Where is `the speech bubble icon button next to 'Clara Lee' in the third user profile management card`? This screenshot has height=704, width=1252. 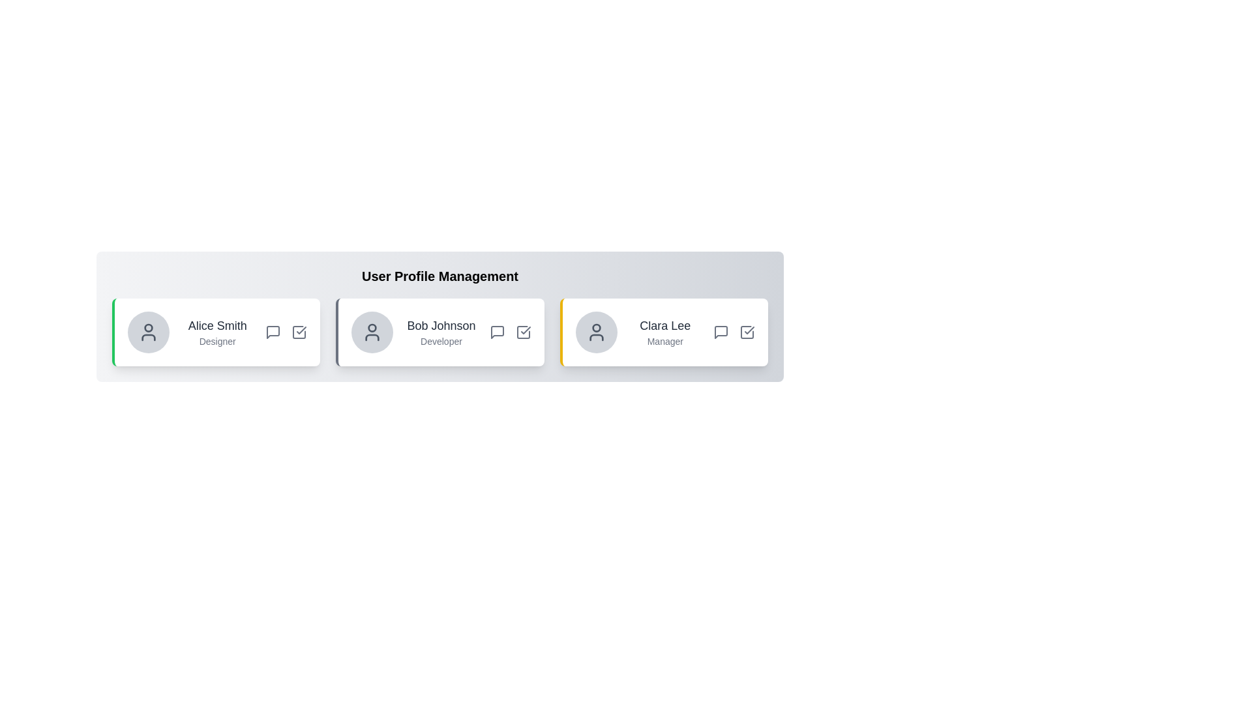 the speech bubble icon button next to 'Clara Lee' in the third user profile management card is located at coordinates (720, 331).